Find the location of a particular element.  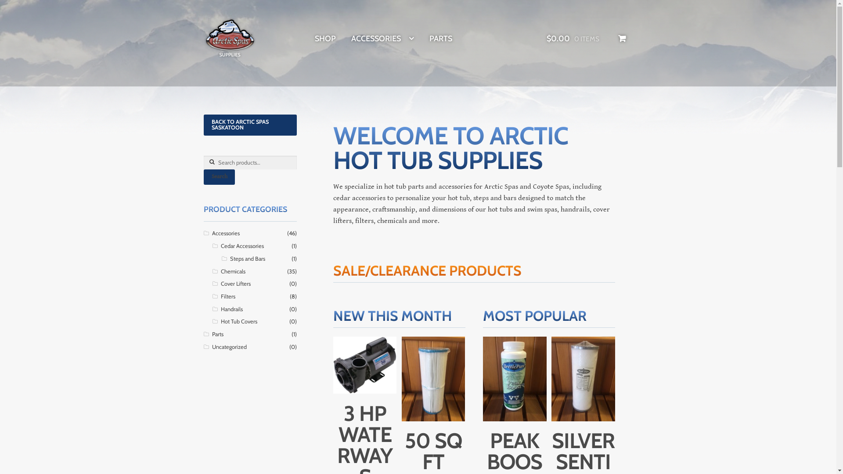

'Steps and Bars' is located at coordinates (247, 258).